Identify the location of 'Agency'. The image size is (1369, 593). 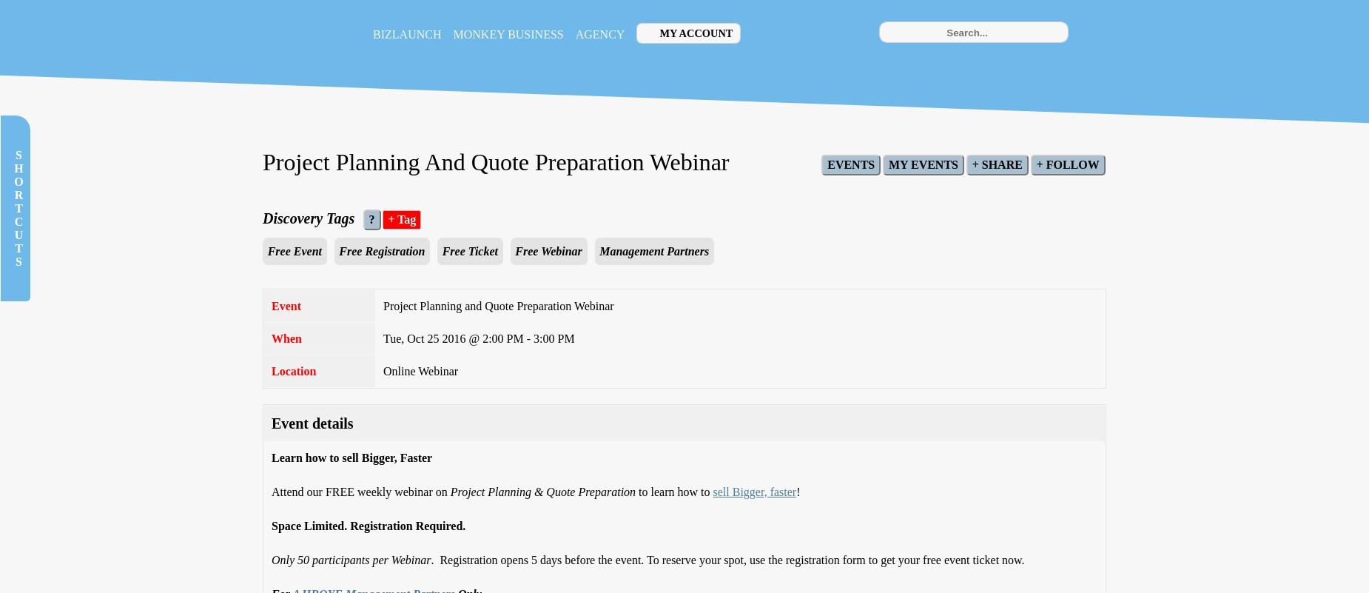
(575, 33).